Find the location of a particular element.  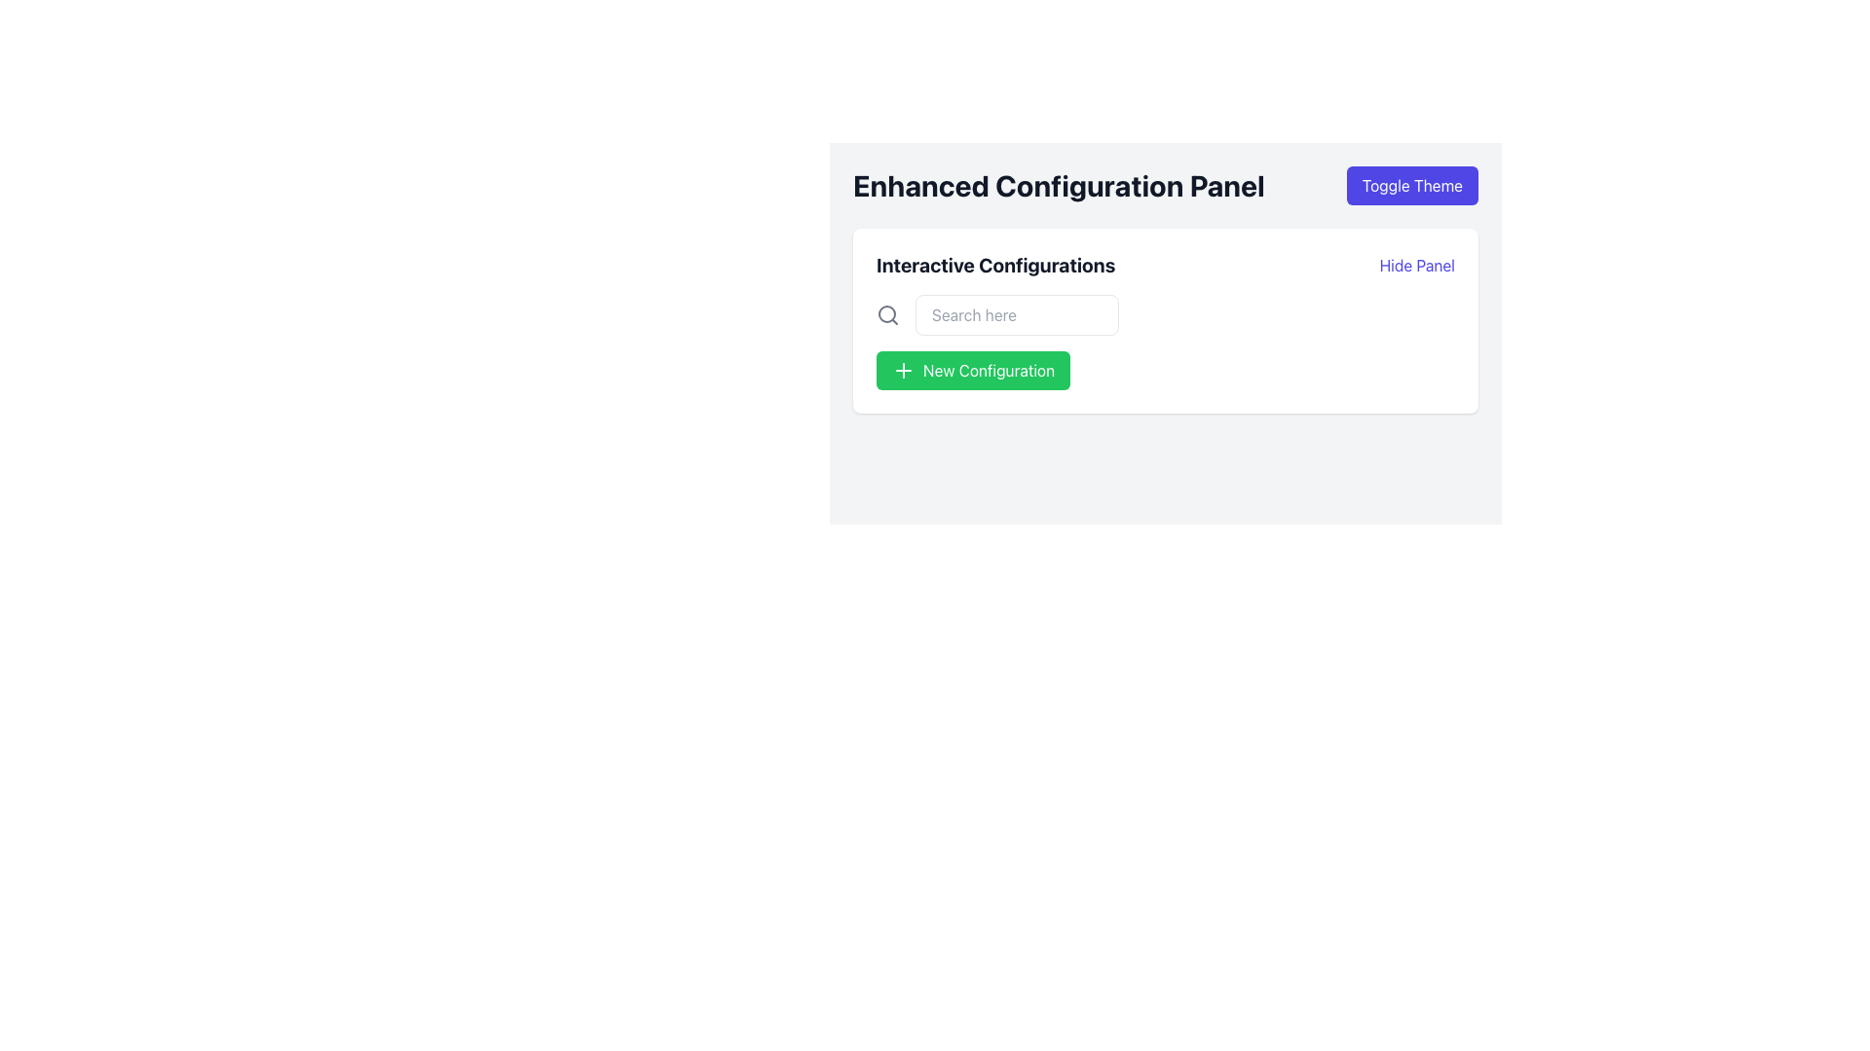

the static text element that reads 'Interactive Configurations', which is a bold heading positioned below the 'Enhanced Configuration Panel' and aligned with the 'Hide Panel' interactive element is located at coordinates (995, 266).